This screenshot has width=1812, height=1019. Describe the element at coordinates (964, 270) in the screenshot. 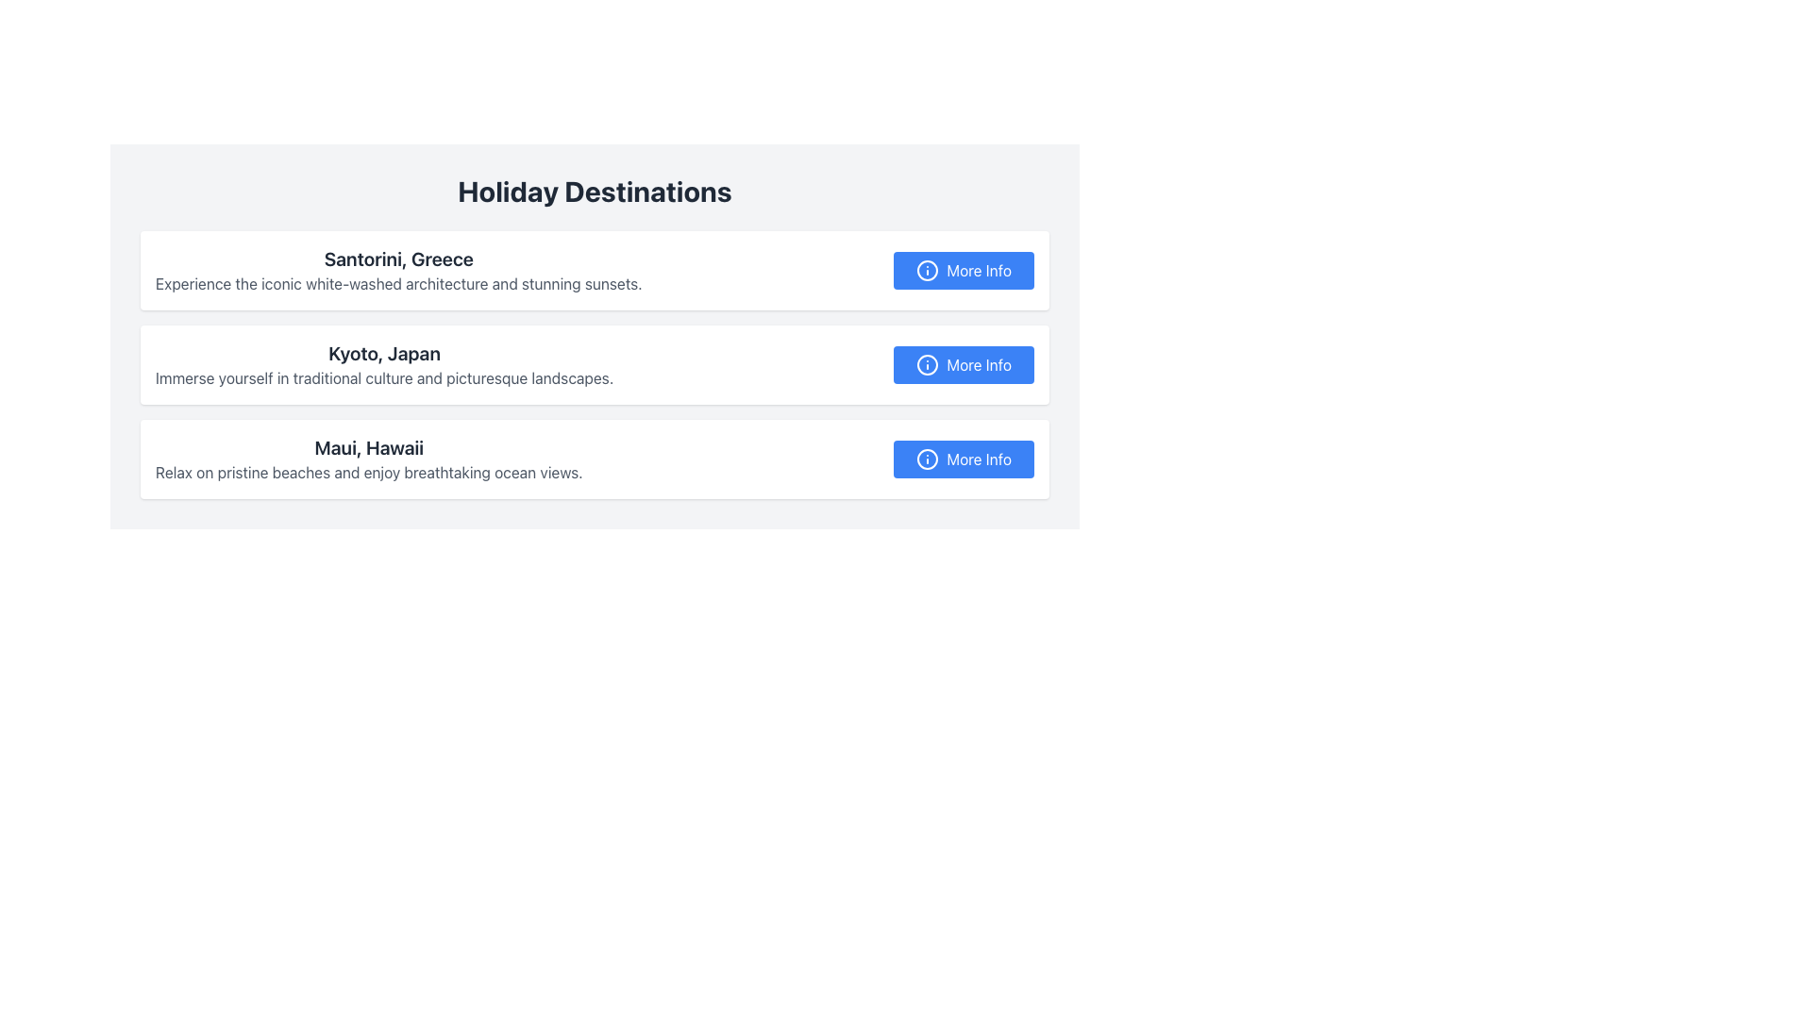

I see `the button located in the topmost card of a vertical stack of three, positioned to the right of the text description of 'Santorini, Greece'` at that location.